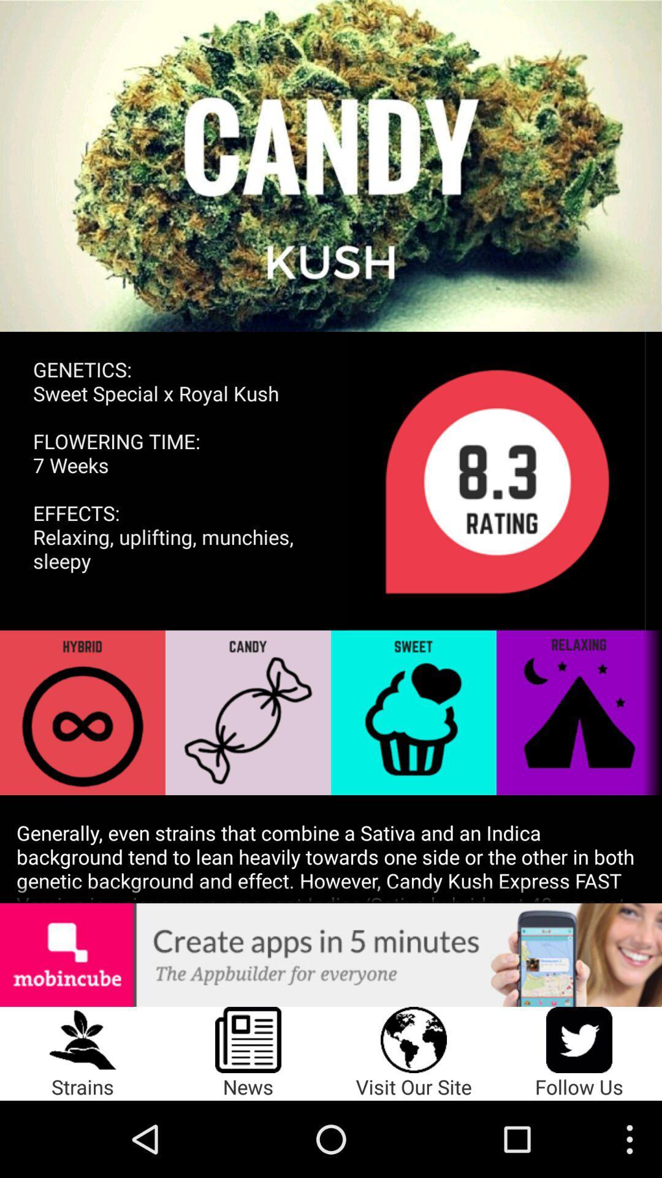 Image resolution: width=662 pixels, height=1178 pixels. I want to click on advertising link, so click(331, 954).